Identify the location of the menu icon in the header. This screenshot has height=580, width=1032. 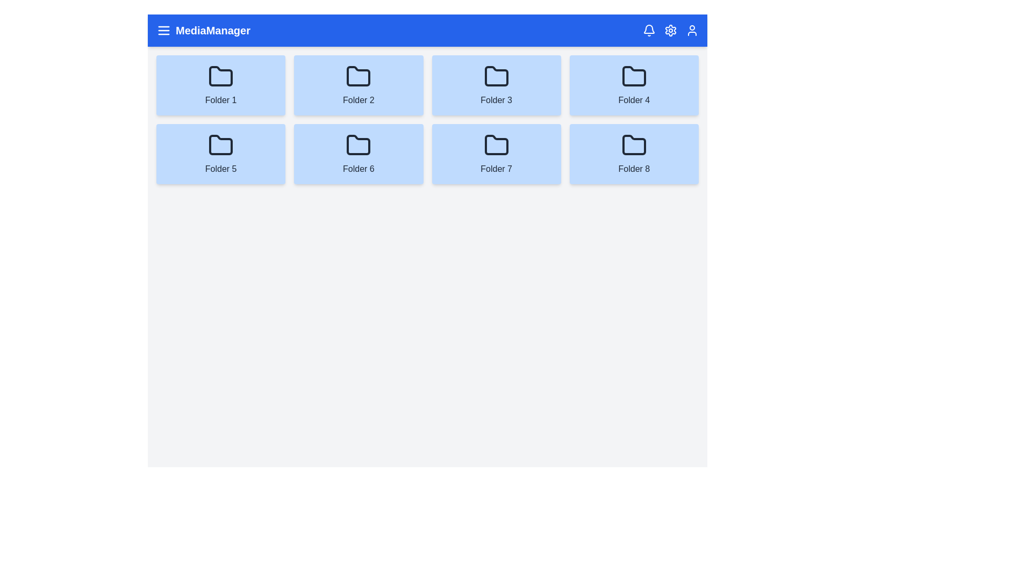
(163, 30).